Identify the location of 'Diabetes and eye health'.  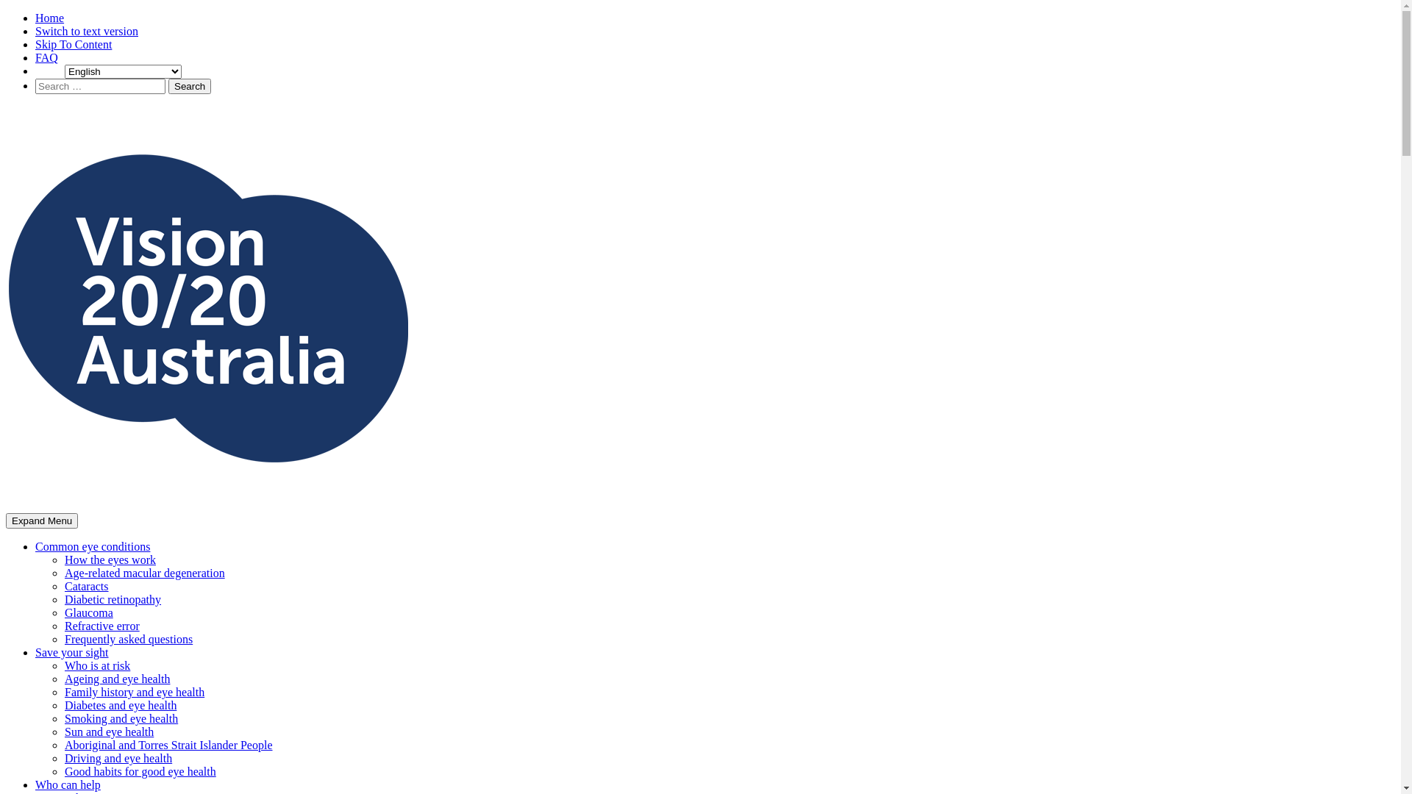
(120, 704).